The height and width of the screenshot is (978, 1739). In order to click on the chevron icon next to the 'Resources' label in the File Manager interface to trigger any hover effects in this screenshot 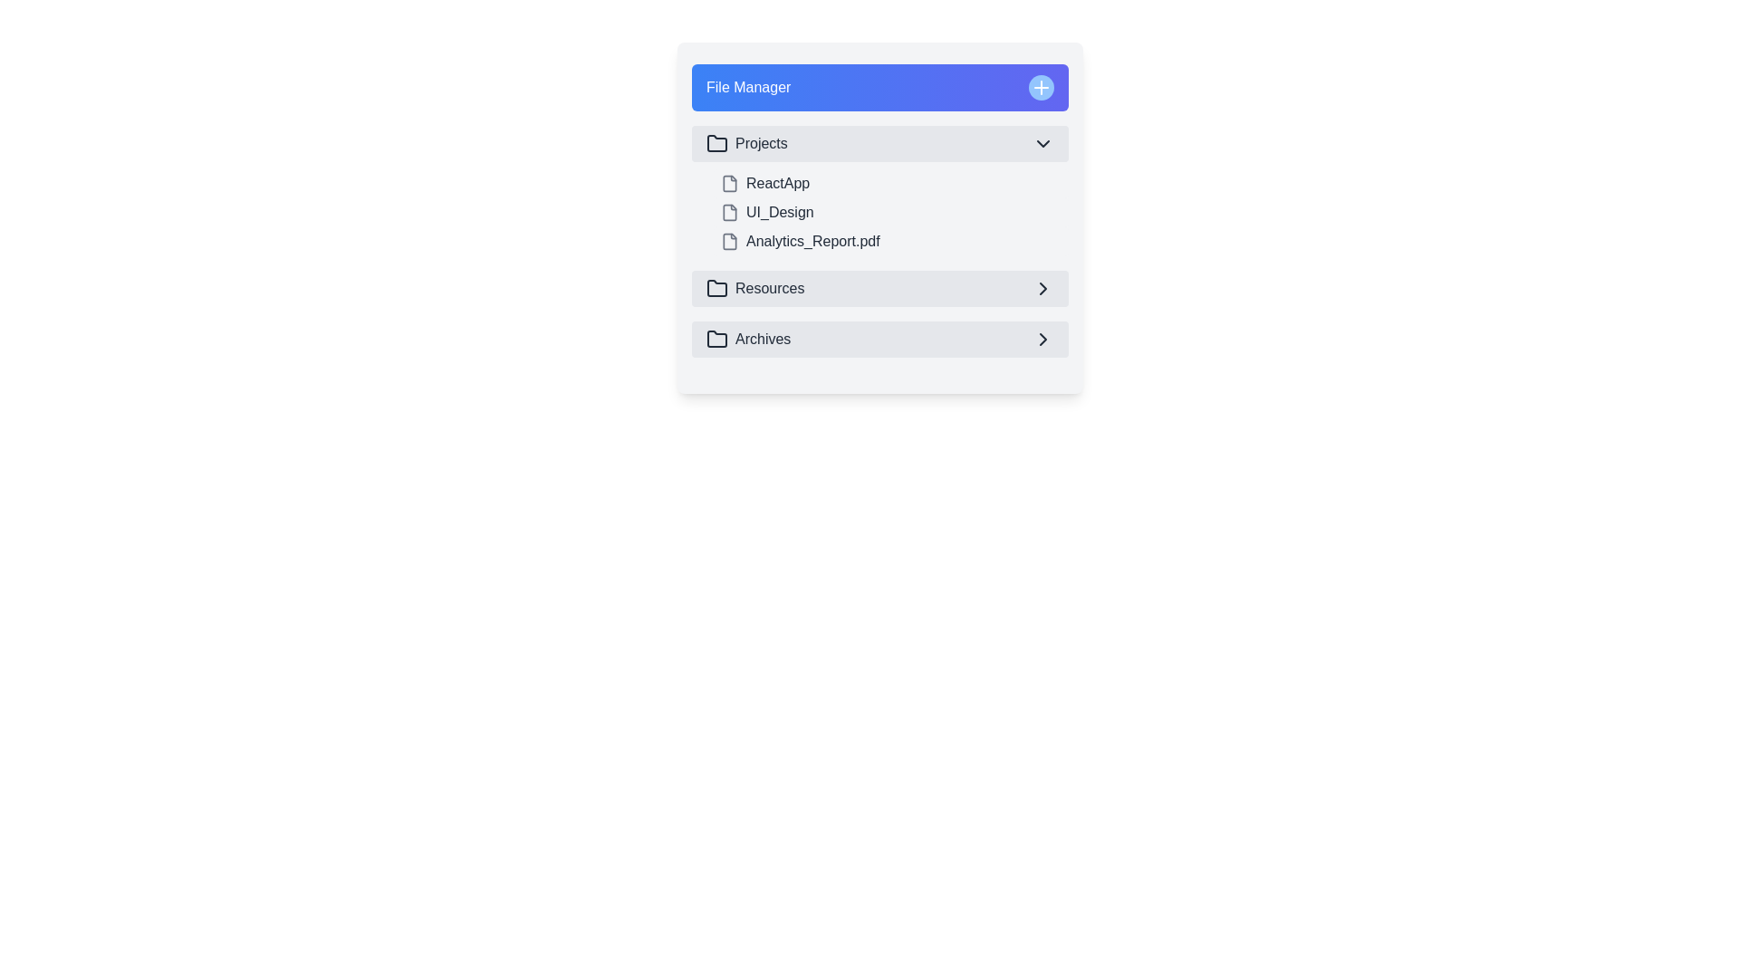, I will do `click(1043, 288)`.